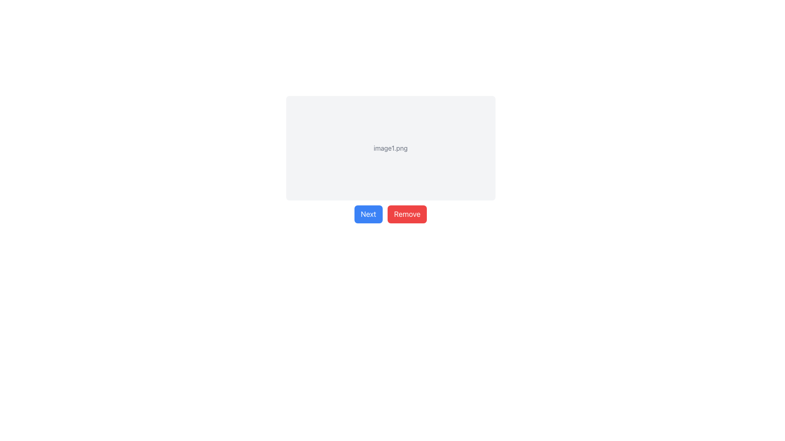 This screenshot has width=785, height=441. I want to click on the 'Remove' button, which is a rectangular button with rounded corners, red background, and white bold text, so click(407, 214).